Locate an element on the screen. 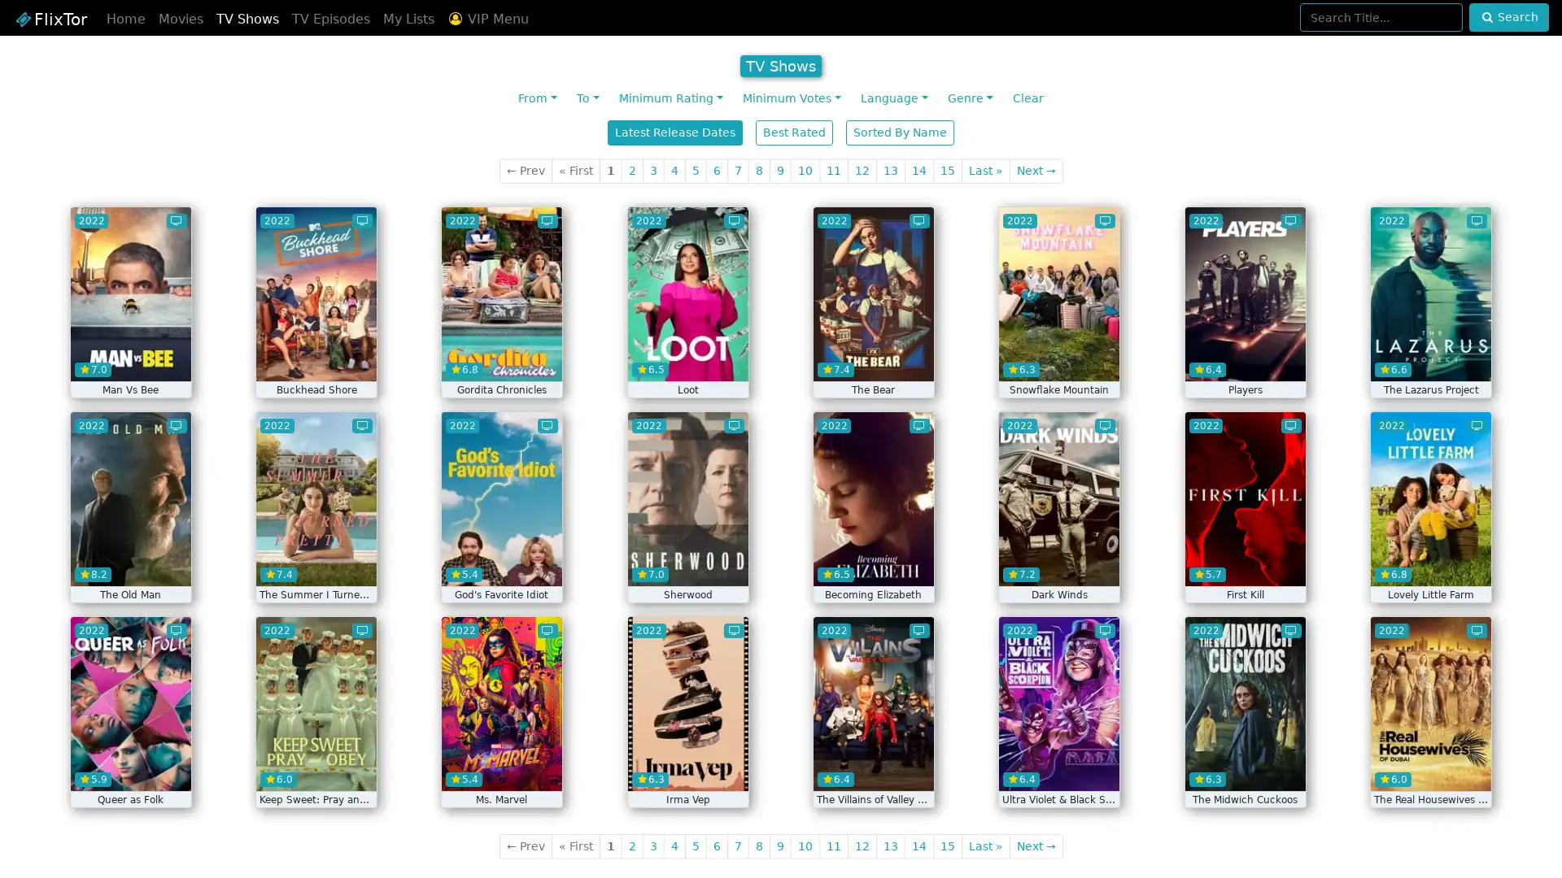 The image size is (1562, 878). Watch Now is located at coordinates (687, 356).